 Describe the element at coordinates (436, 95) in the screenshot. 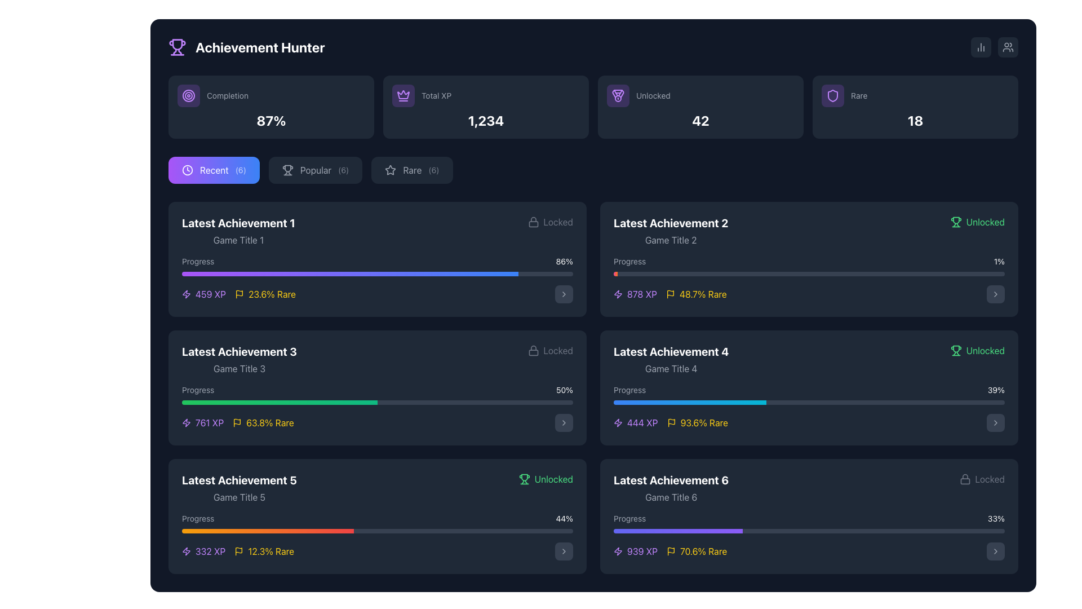

I see `the descriptive label located in the top row of the layout, positioned to the right of the purple crown icon and above the value '1,234'` at that location.